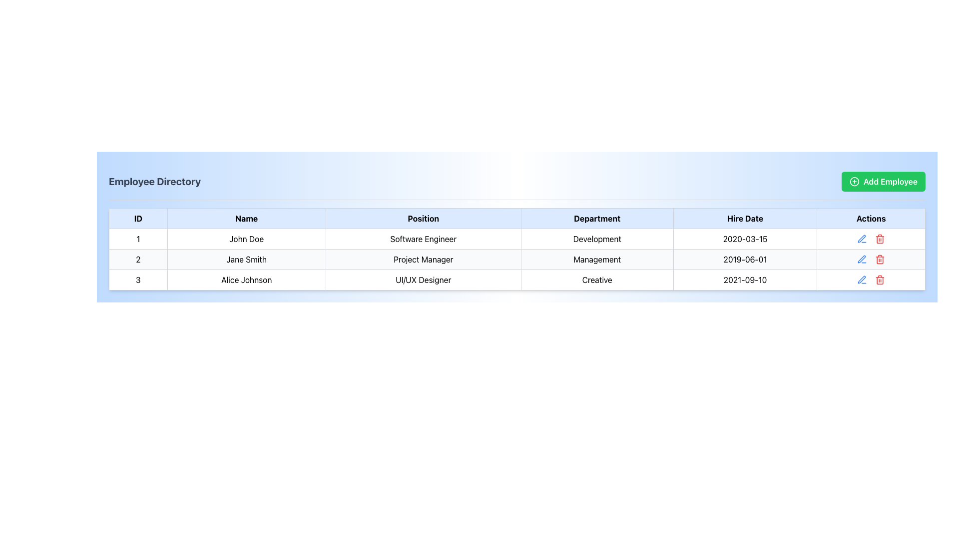  What do you see at coordinates (423, 218) in the screenshot?
I see `the text label that reads 'Position' in bold black font on a light blue background, located centrally within its cell in the header row of the table` at bounding box center [423, 218].